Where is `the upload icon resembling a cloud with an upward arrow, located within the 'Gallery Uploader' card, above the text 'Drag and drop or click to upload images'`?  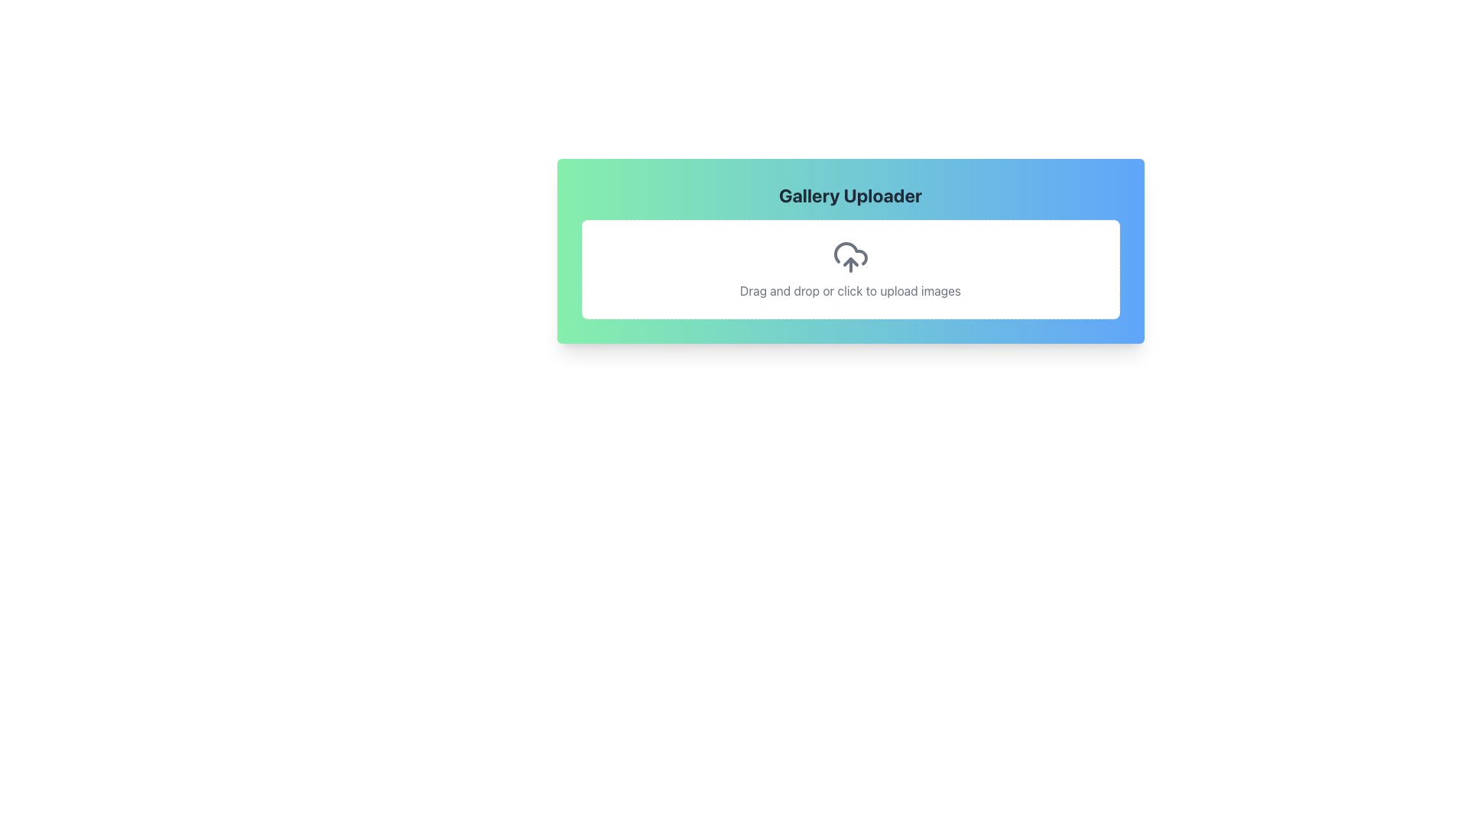 the upload icon resembling a cloud with an upward arrow, located within the 'Gallery Uploader' card, above the text 'Drag and drop or click to upload images' is located at coordinates (849, 256).